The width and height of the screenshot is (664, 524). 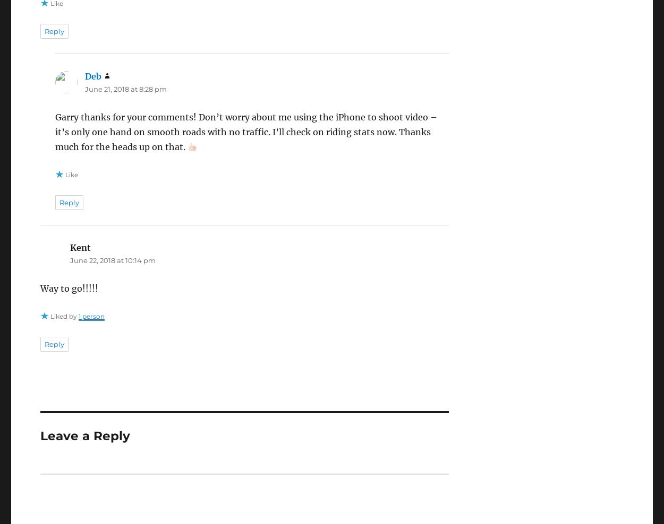 What do you see at coordinates (91, 316) in the screenshot?
I see `'1 person'` at bounding box center [91, 316].